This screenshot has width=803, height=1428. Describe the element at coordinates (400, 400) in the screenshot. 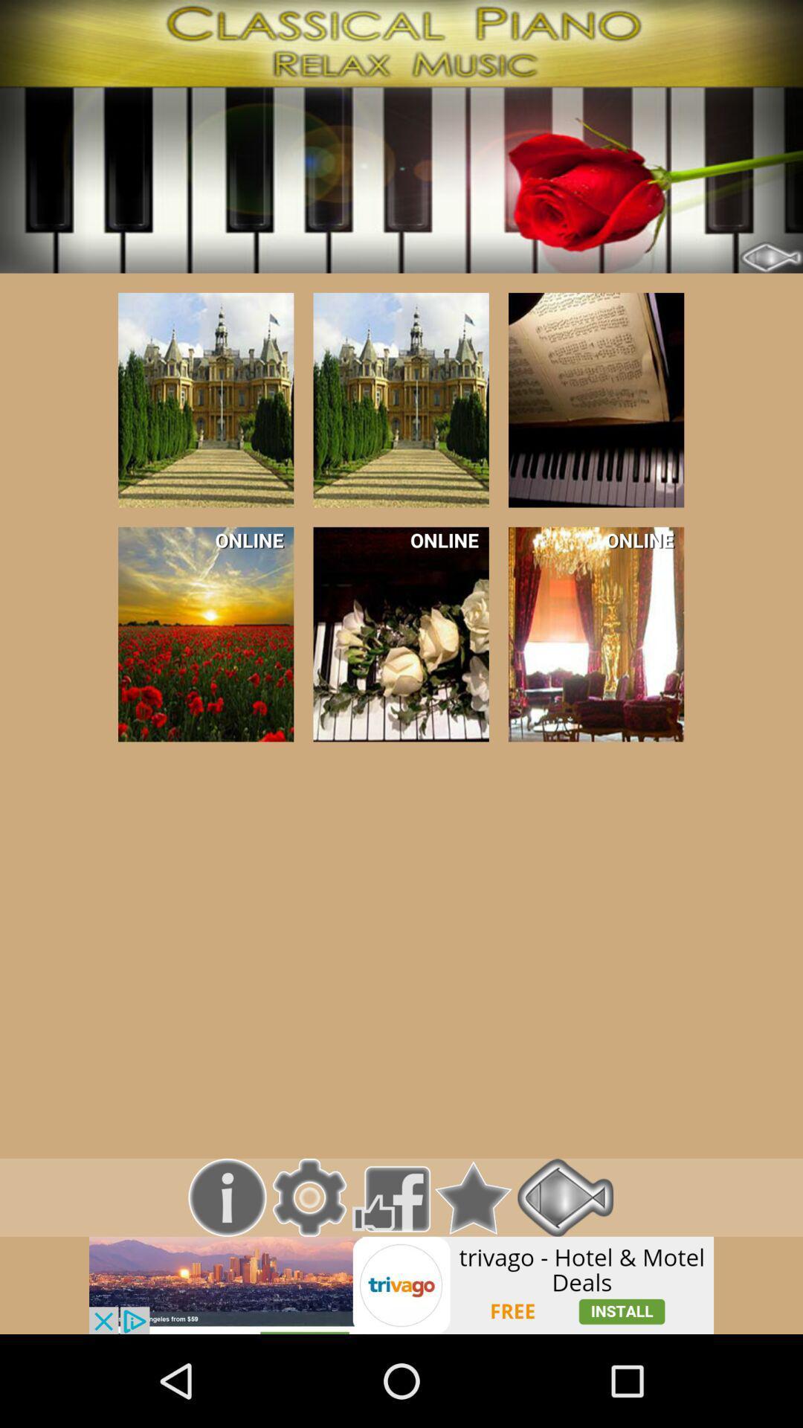

I see `this music` at that location.